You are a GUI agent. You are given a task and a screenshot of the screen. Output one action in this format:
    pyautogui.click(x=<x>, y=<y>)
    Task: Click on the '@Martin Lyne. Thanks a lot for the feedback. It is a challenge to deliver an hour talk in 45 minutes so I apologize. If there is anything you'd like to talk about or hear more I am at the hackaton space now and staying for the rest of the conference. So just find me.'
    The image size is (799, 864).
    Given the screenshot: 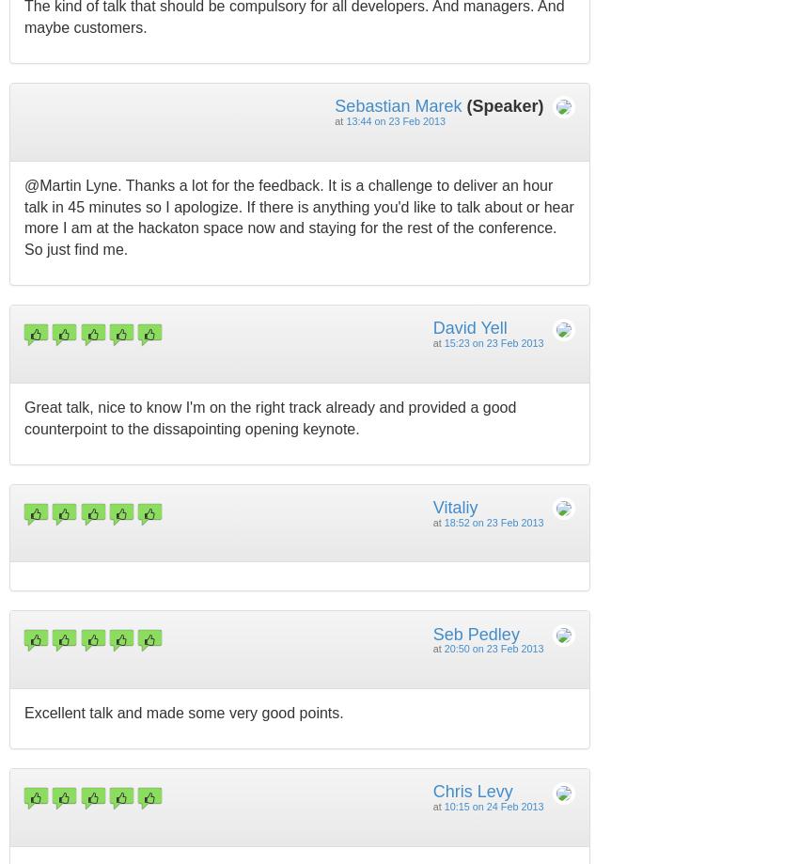 What is the action you would take?
    pyautogui.click(x=23, y=217)
    